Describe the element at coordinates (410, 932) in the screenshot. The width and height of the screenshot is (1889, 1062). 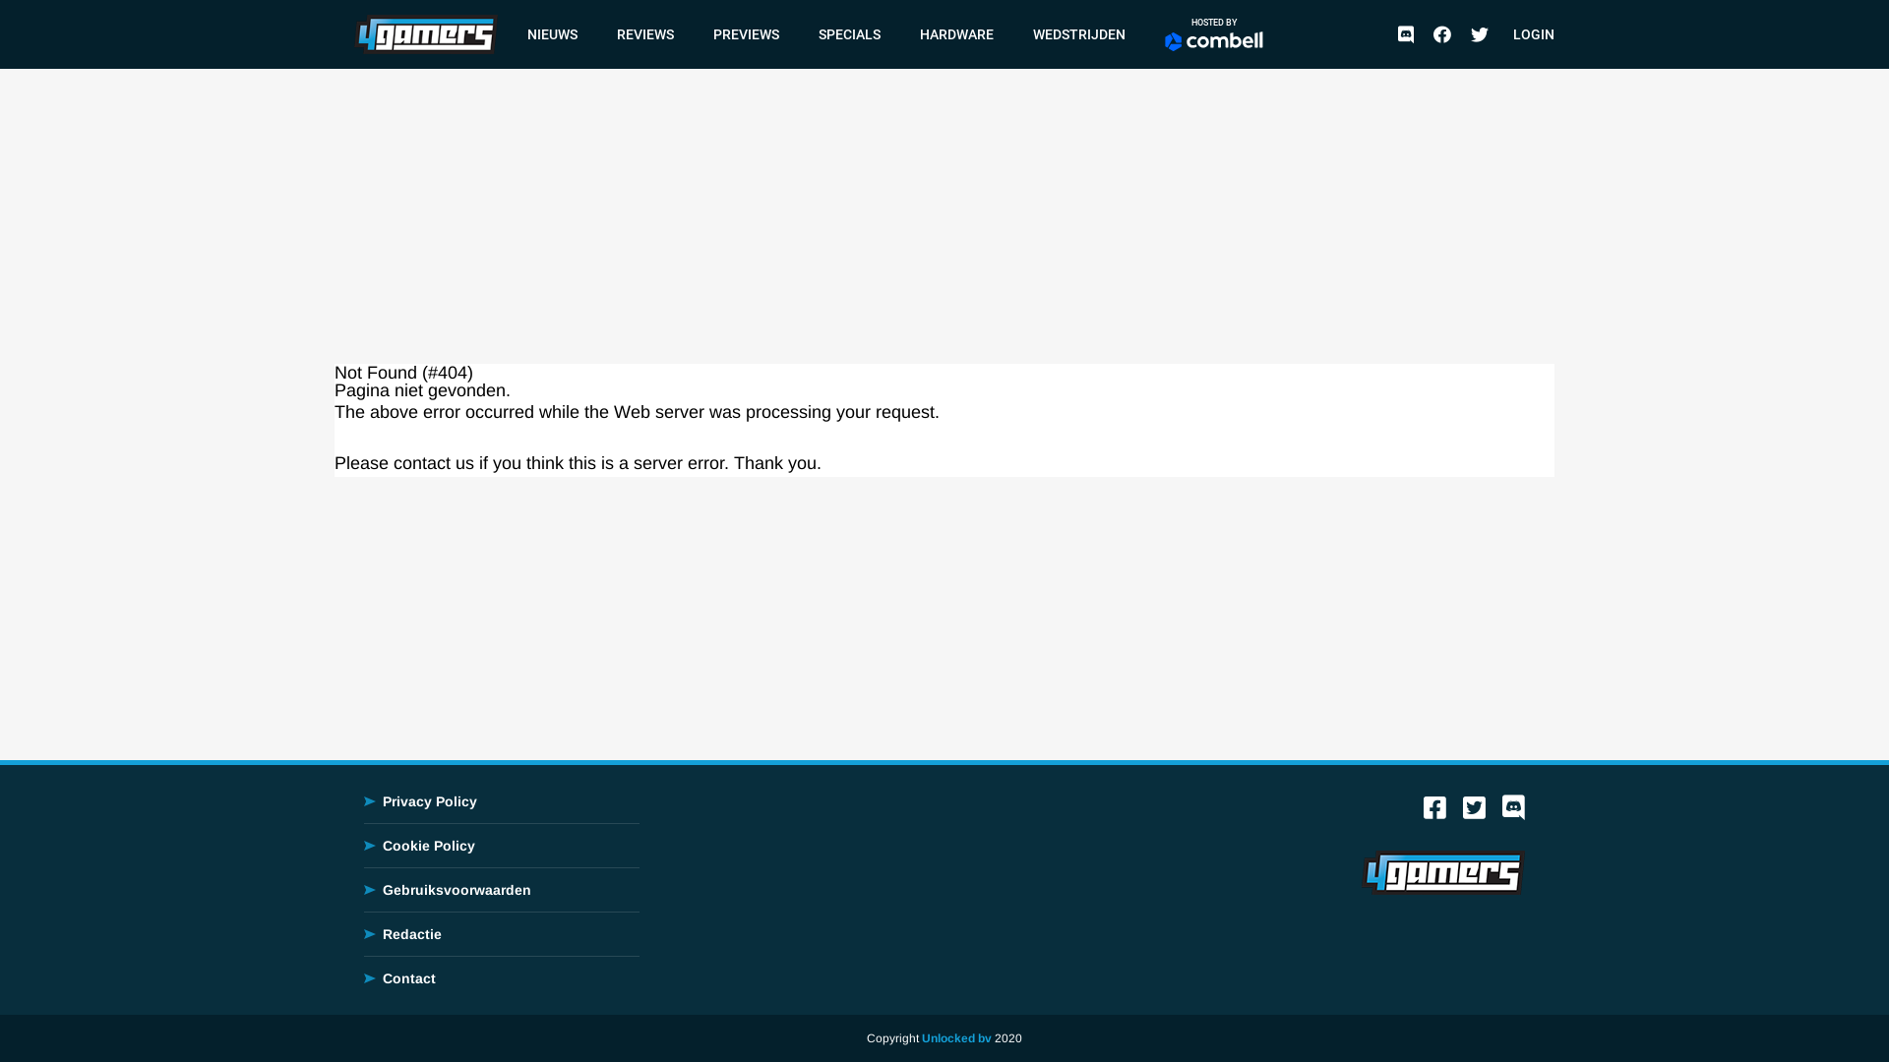
I see `'Redactie'` at that location.